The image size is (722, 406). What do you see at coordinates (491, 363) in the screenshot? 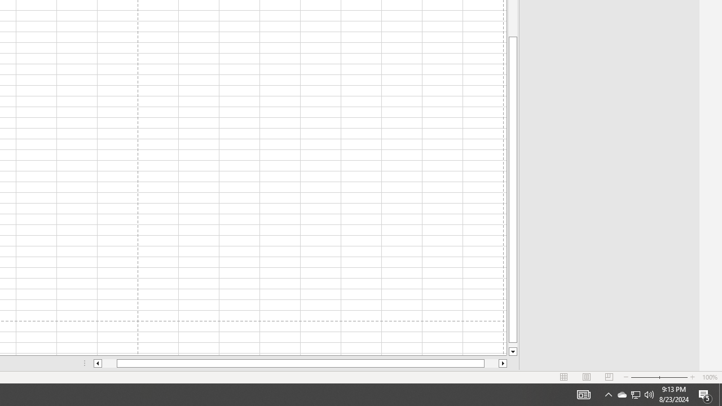
I see `'Page right'` at bounding box center [491, 363].